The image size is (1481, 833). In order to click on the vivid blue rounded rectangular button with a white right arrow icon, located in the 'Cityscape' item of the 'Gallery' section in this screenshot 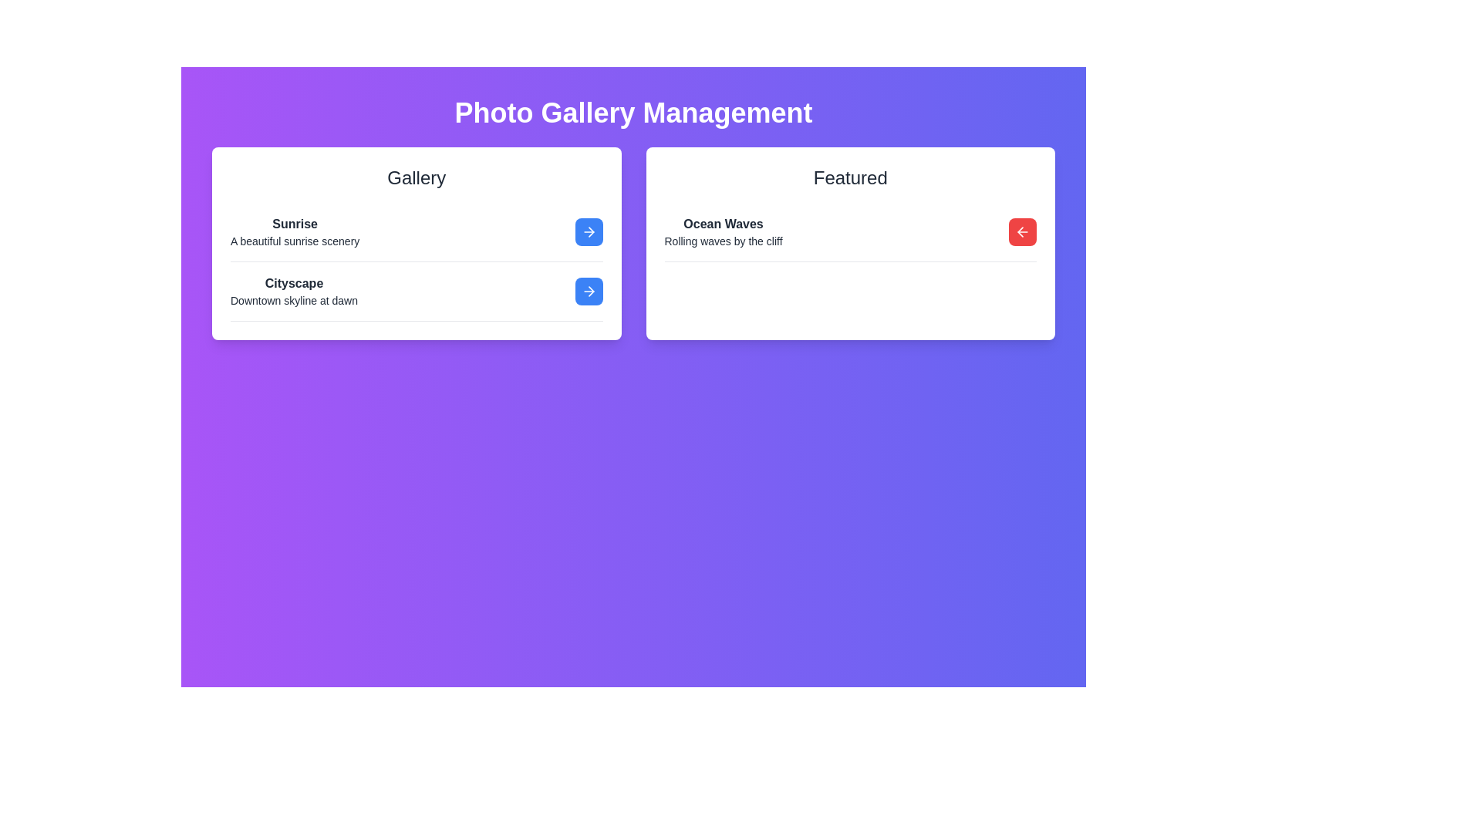, I will do `click(588, 292)`.